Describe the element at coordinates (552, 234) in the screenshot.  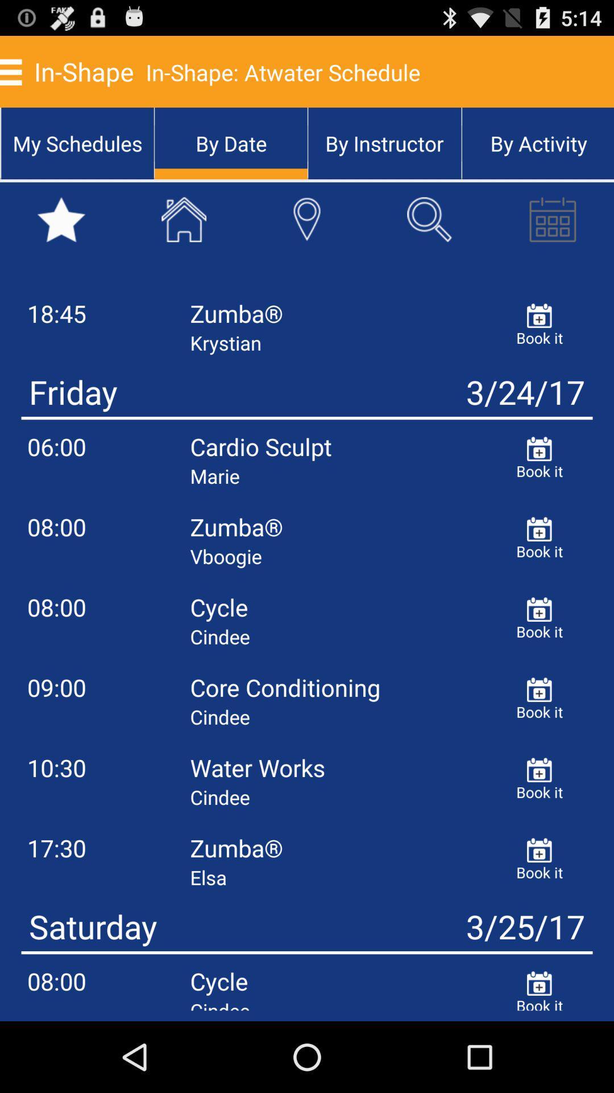
I see `the date_range icon` at that location.